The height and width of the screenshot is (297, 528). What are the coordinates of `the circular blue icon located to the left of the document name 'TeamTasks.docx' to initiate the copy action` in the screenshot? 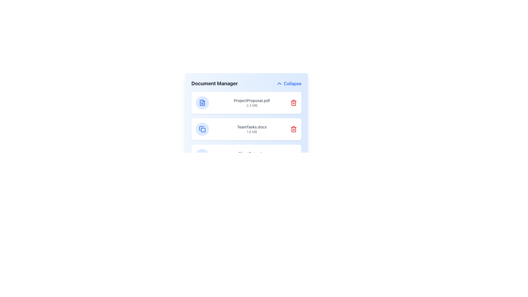 It's located at (202, 129).